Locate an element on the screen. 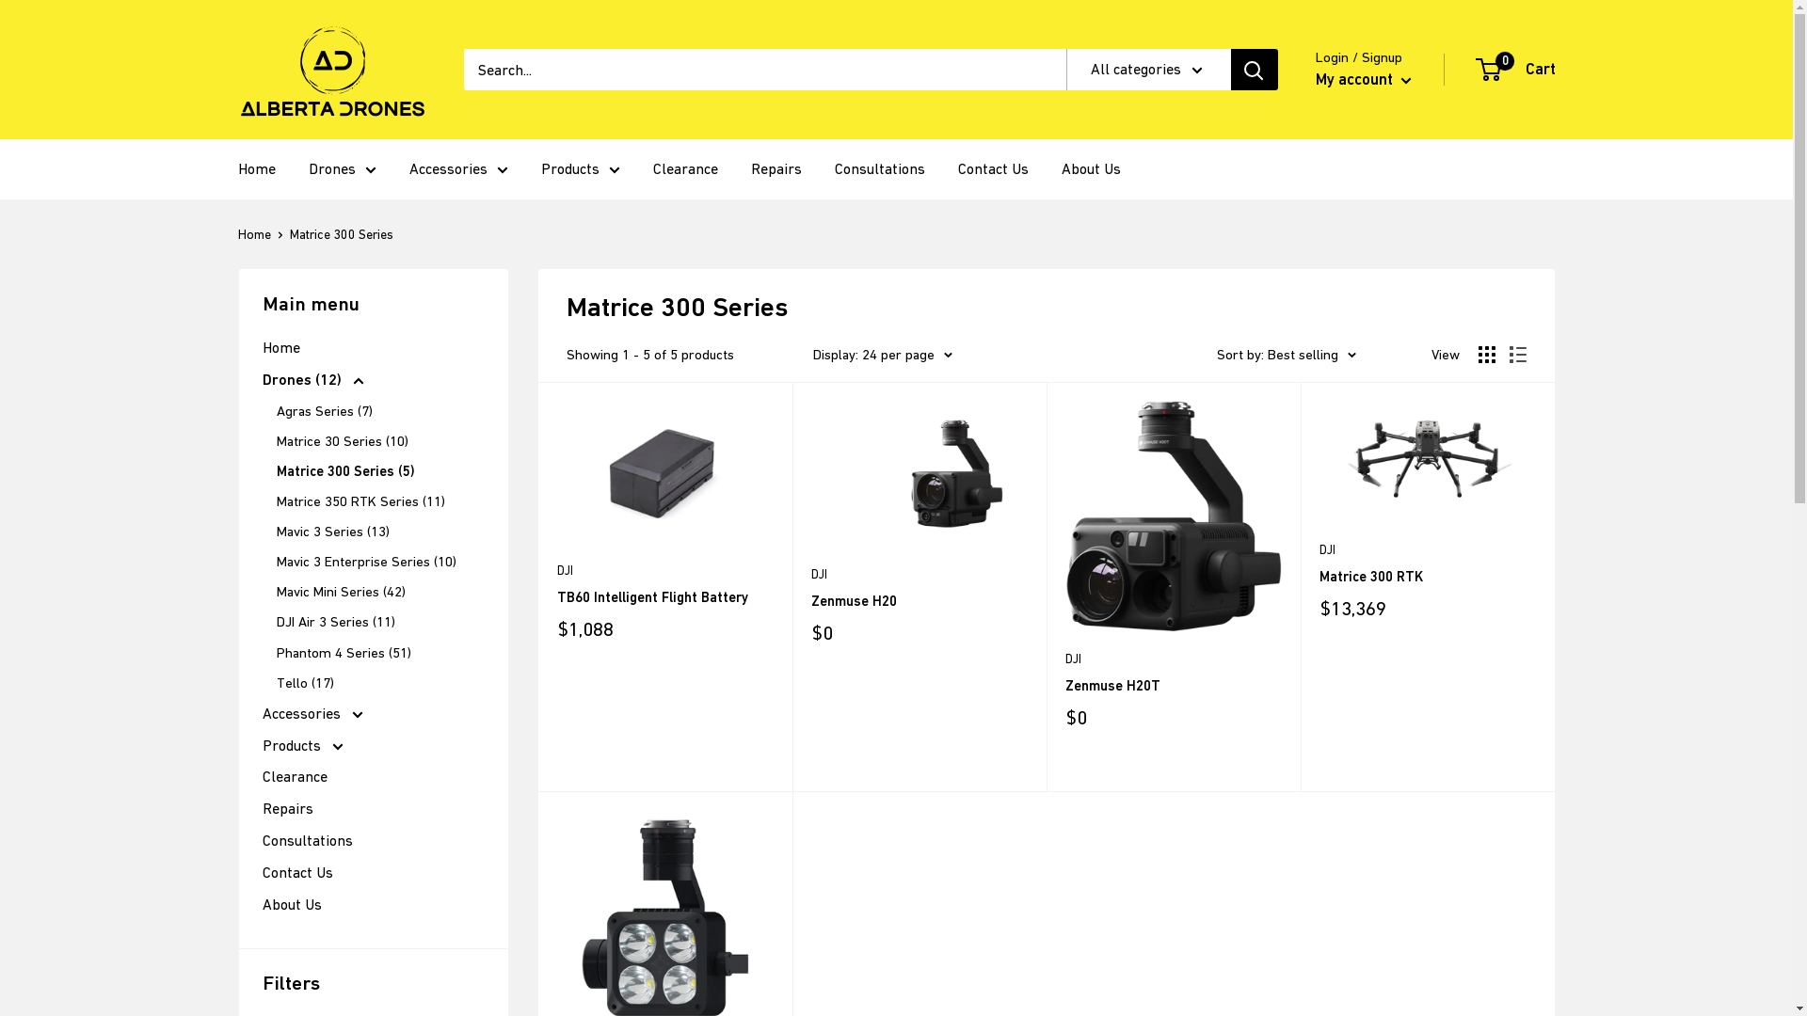 This screenshot has width=1807, height=1016. 'Accessories' is located at coordinates (372, 714).